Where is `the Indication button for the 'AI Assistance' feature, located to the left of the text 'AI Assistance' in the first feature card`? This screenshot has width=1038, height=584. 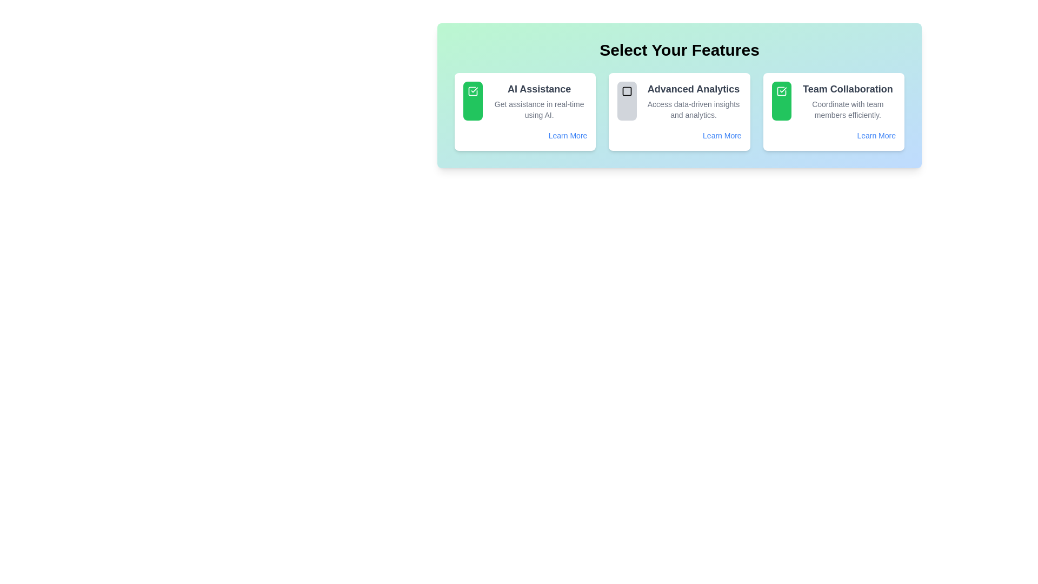
the Indication button for the 'AI Assistance' feature, located to the left of the text 'AI Assistance' in the first feature card is located at coordinates (473, 101).